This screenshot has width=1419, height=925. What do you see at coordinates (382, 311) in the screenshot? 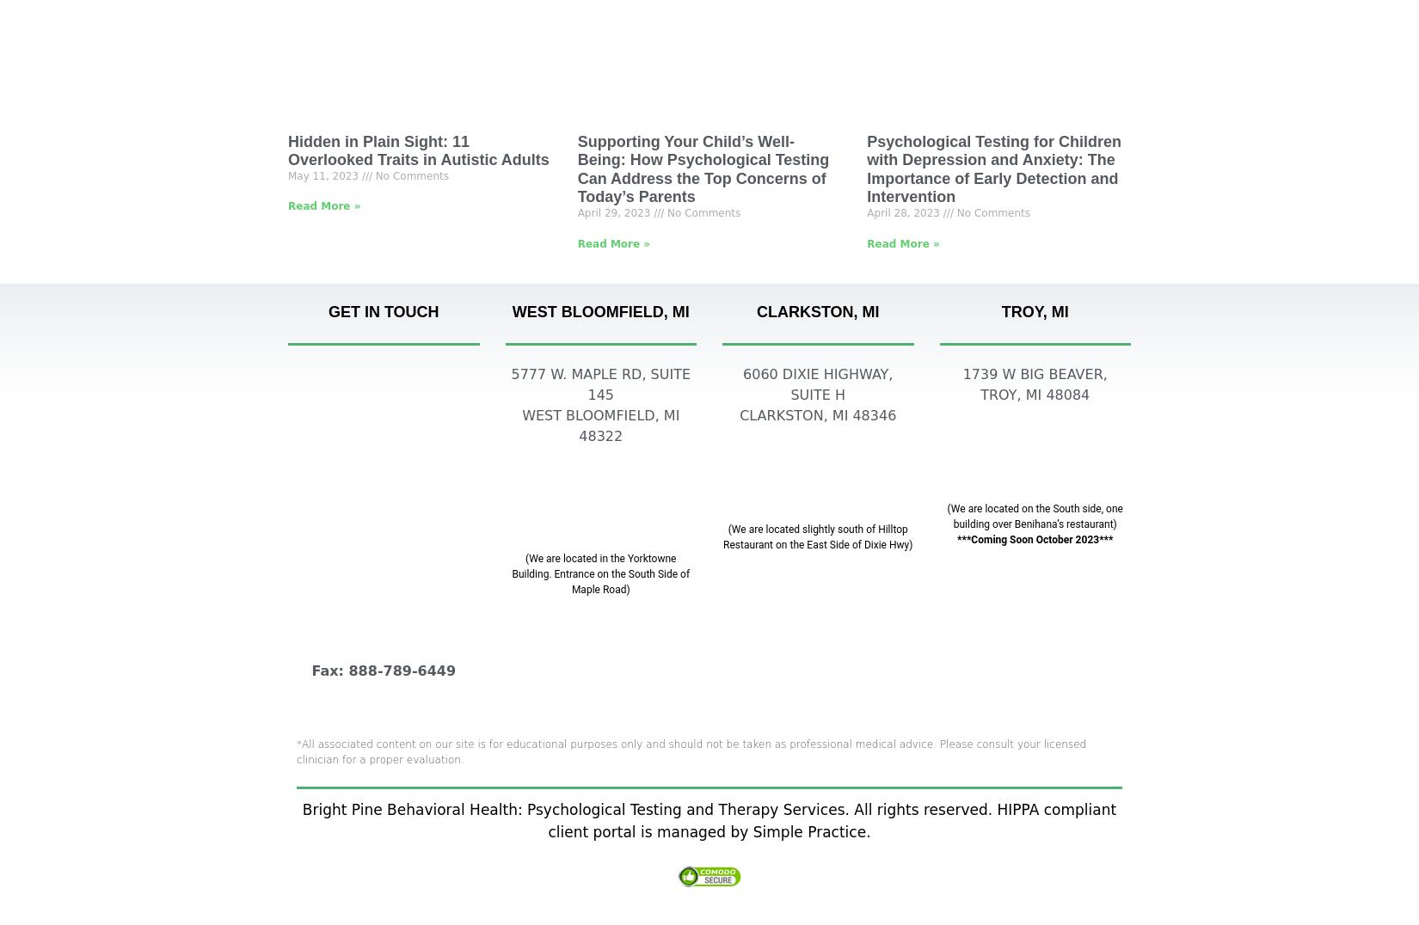
I see `'GET IN TOUCH'` at bounding box center [382, 311].